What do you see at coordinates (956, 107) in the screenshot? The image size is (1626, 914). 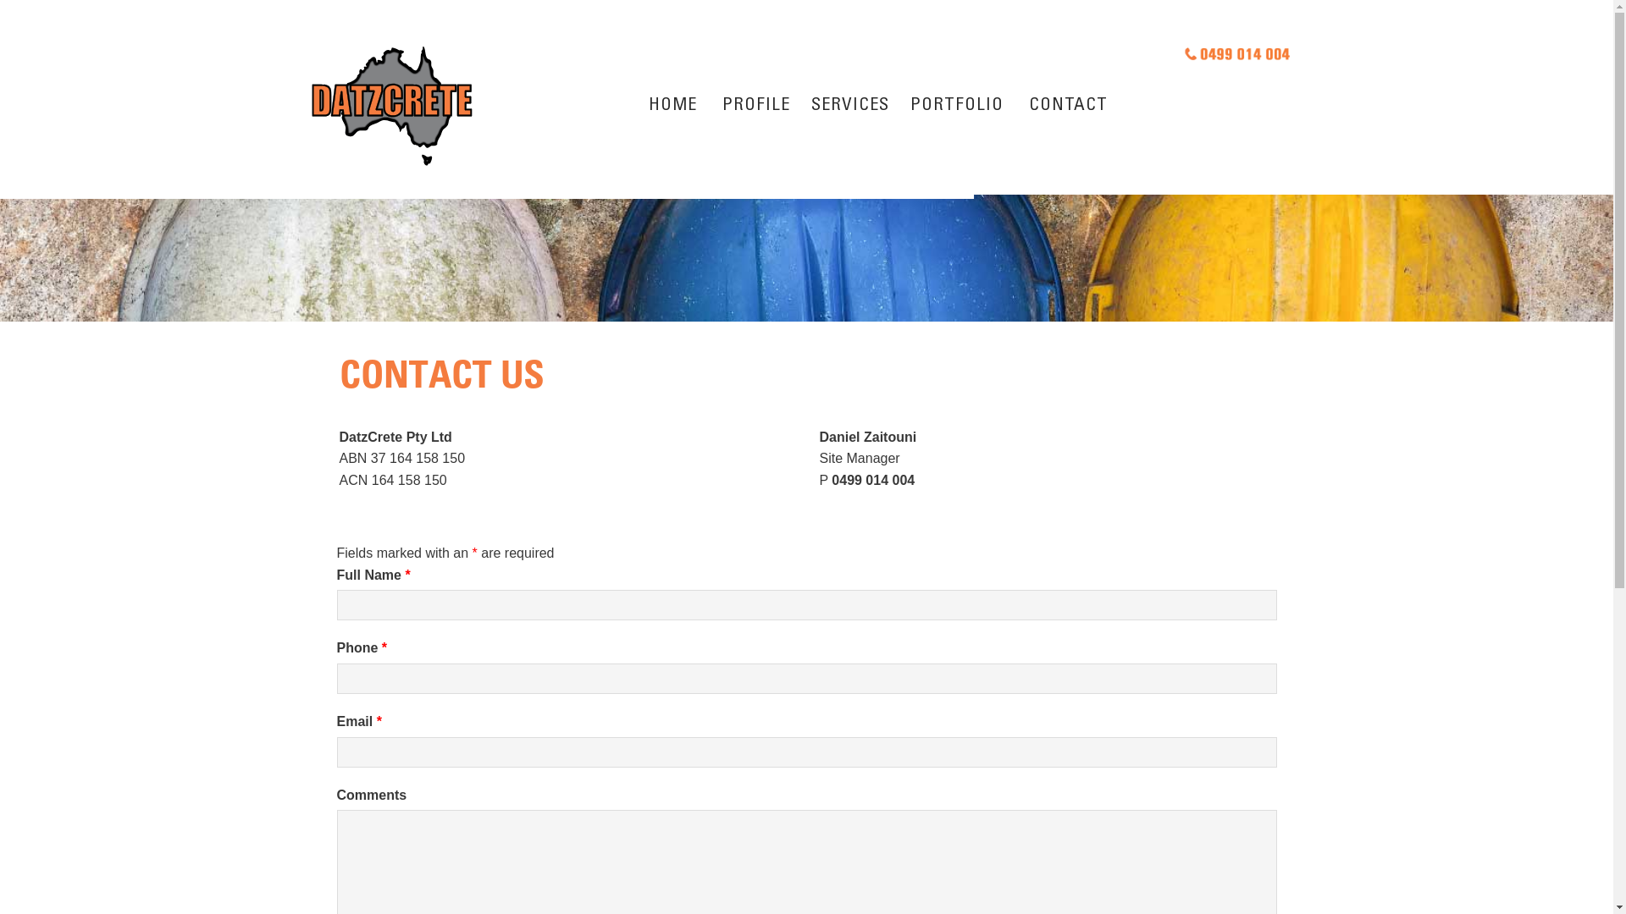 I see `'PORTFOLIO'` at bounding box center [956, 107].